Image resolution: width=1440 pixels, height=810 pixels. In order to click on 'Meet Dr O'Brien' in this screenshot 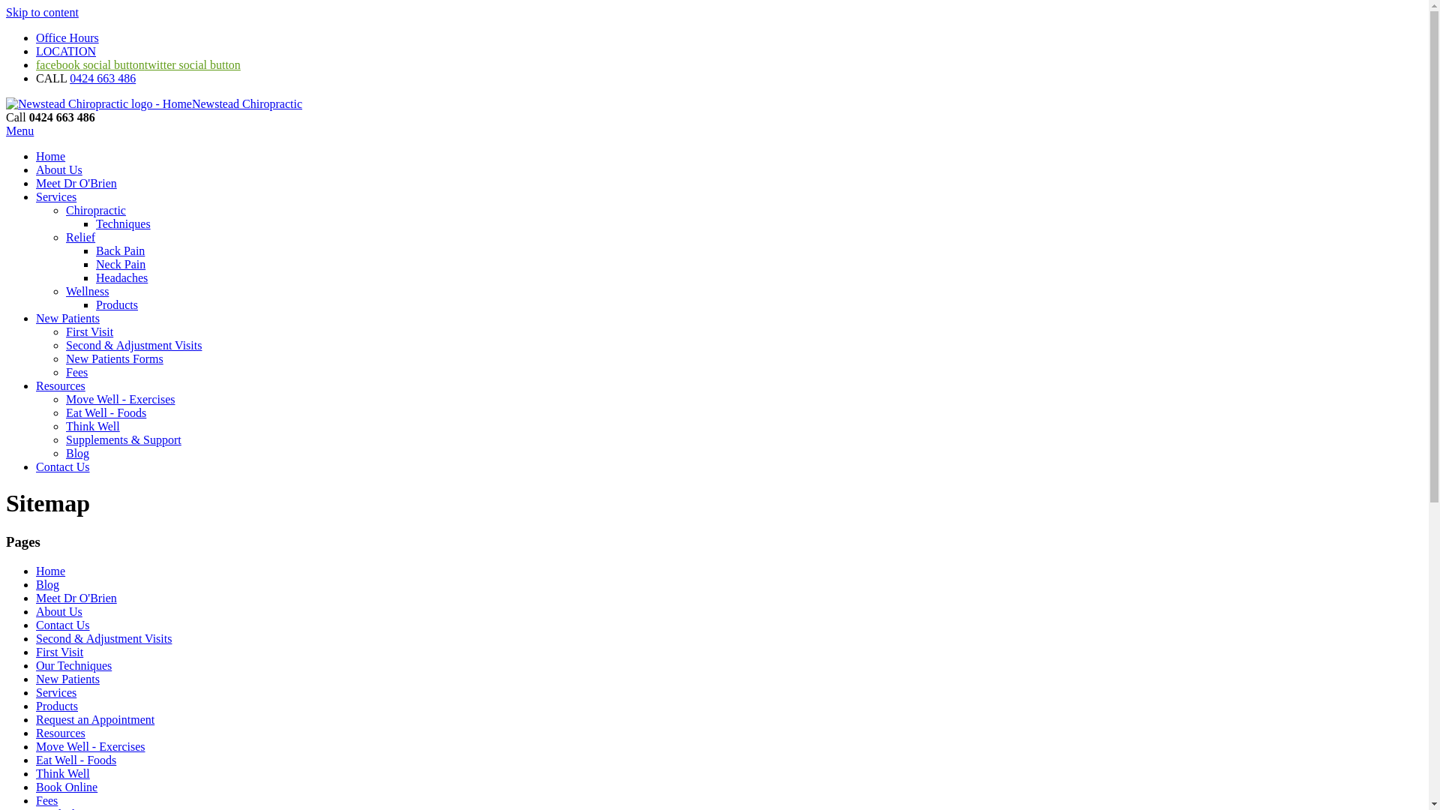, I will do `click(75, 597)`.